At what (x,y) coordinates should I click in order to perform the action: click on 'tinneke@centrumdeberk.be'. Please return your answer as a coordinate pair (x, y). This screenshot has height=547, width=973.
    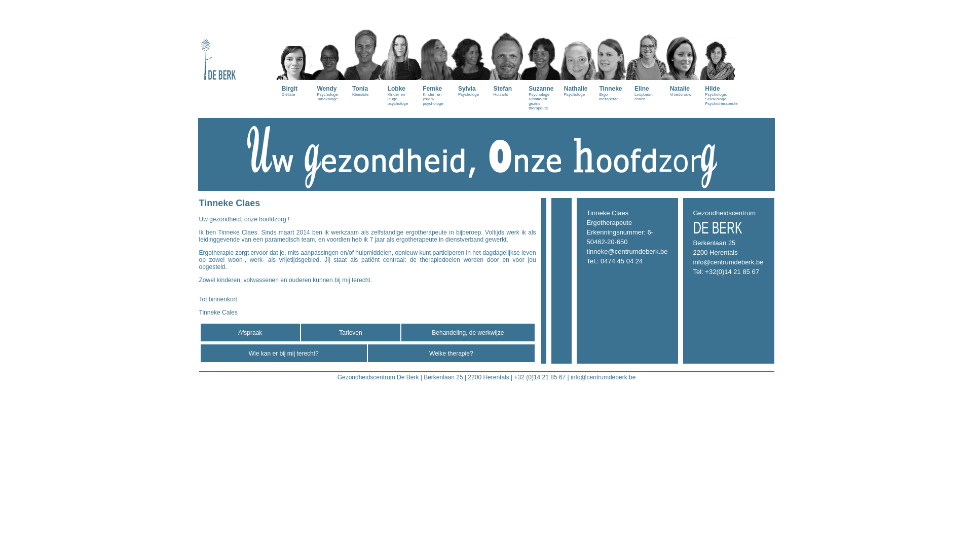
    Looking at the image, I should click on (627, 251).